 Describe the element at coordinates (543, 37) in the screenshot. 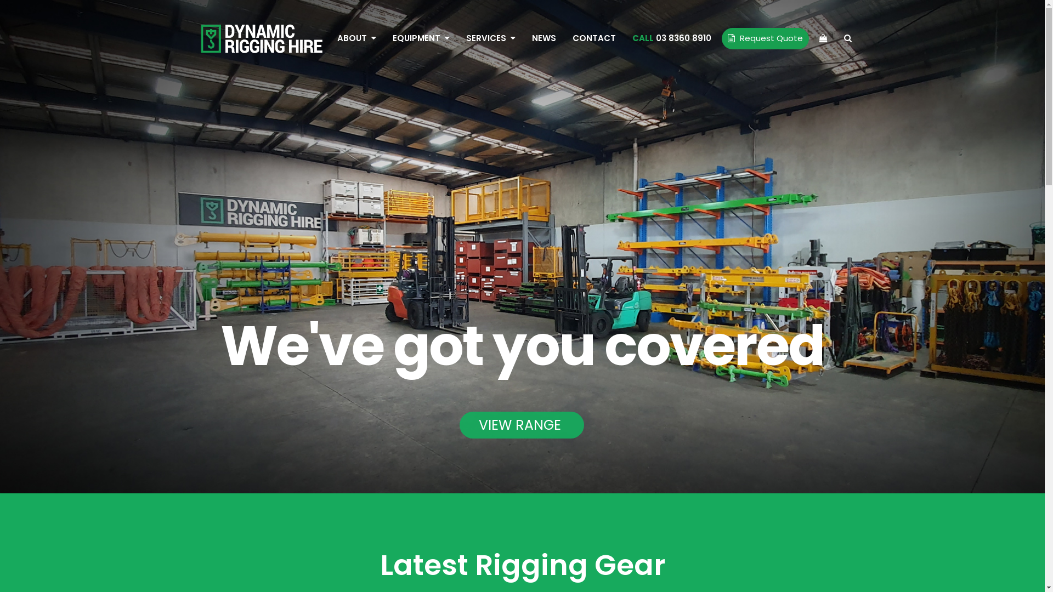

I see `'NEWS'` at that location.